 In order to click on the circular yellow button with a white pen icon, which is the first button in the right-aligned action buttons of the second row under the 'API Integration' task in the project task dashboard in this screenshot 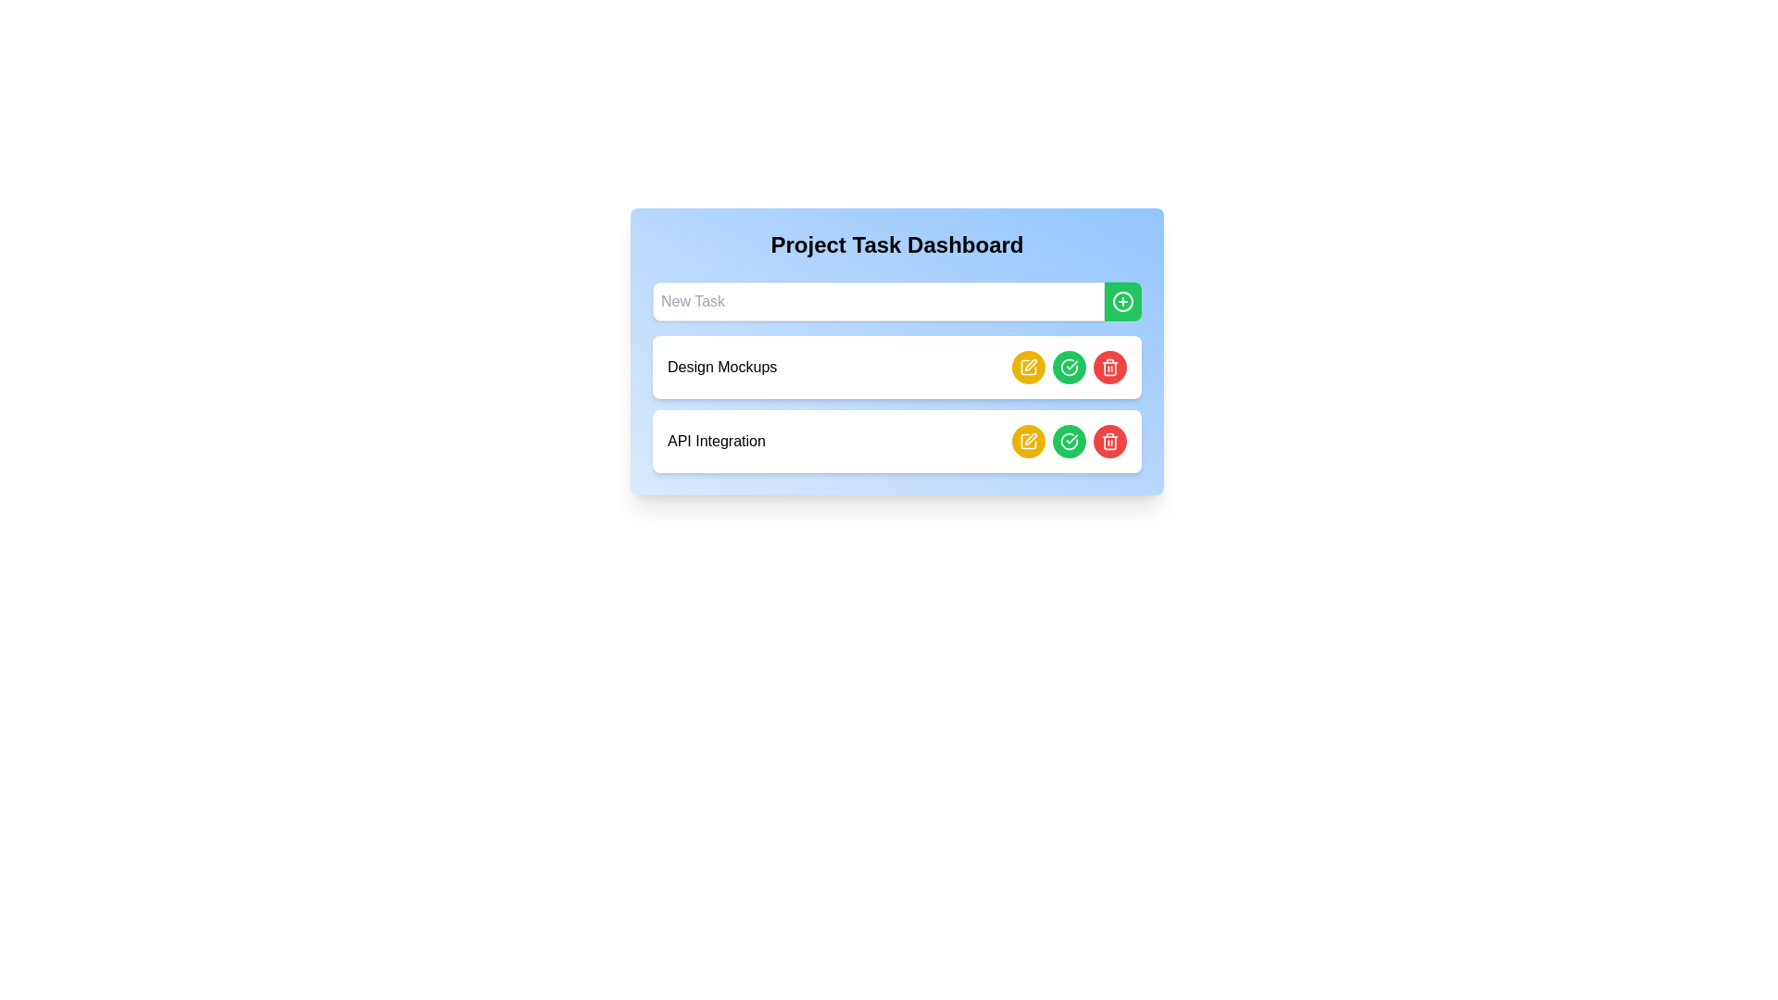, I will do `click(1027, 442)`.